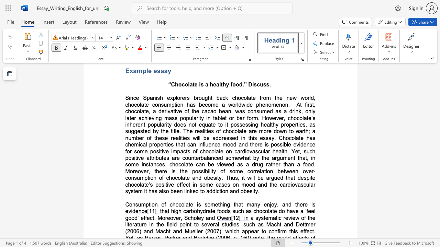 The width and height of the screenshot is (440, 247). Describe the element at coordinates (221, 84) in the screenshot. I see `the subset text "thy food.” Discuss" within the text "Chocolate is a healthy food.” Discuss."` at that location.